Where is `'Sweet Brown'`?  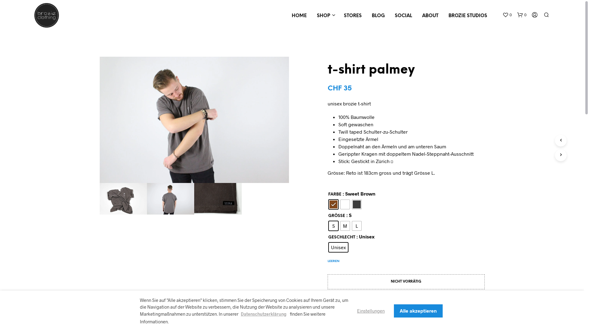
'Sweet Brown' is located at coordinates (333, 204).